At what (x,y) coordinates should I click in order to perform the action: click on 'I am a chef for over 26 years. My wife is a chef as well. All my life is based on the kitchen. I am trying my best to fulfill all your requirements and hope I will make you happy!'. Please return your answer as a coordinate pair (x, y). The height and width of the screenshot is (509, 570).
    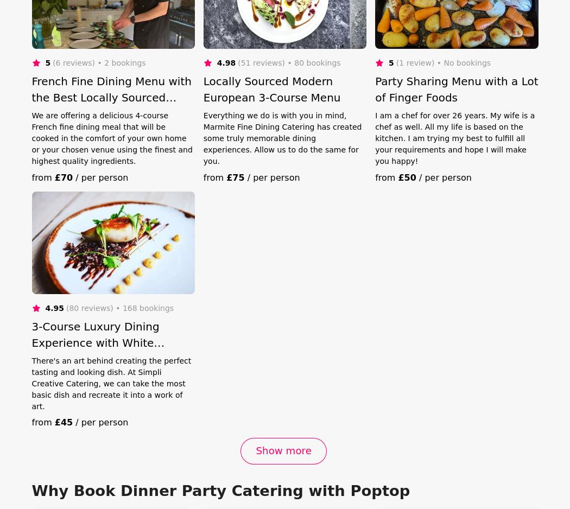
    Looking at the image, I should click on (455, 137).